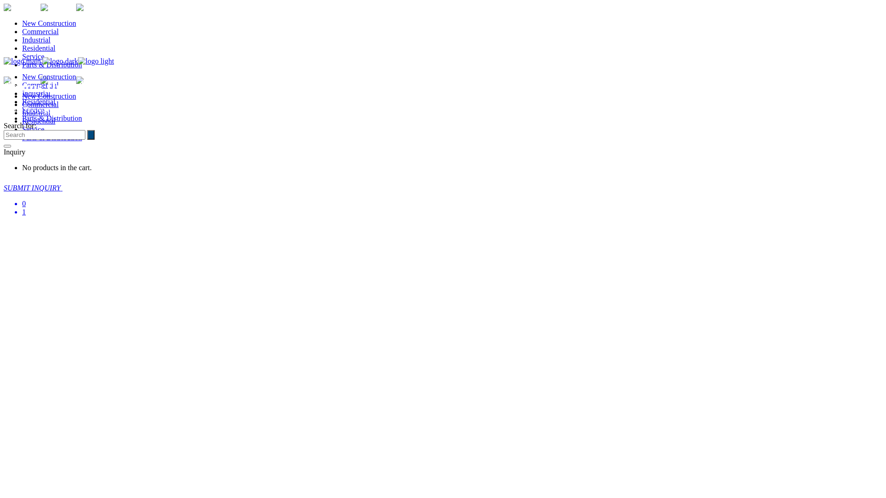 Image resolution: width=886 pixels, height=498 pixels. I want to click on 'Industrial', so click(36, 93).